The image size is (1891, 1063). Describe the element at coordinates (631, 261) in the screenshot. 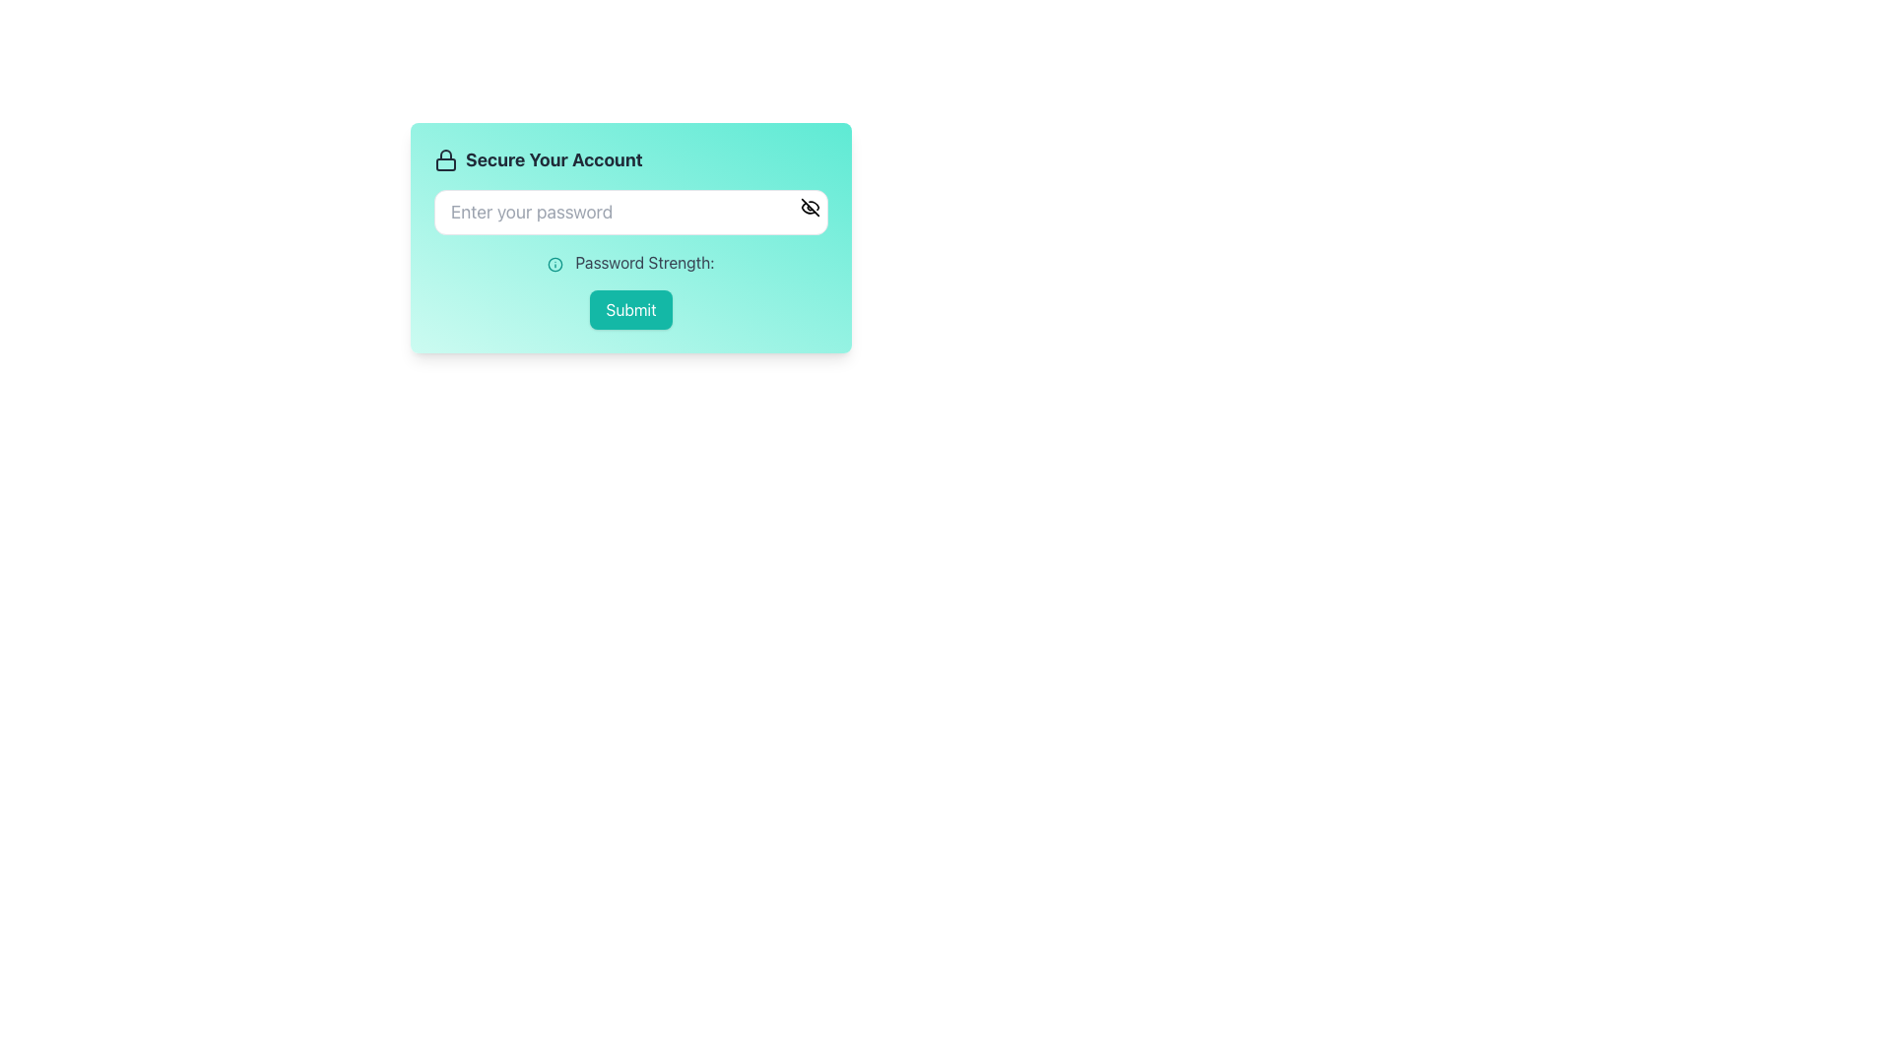

I see `text of the password strength indicator label, which is located below the password input field and above the submit button, horizontally centered with an icon on its left` at that location.